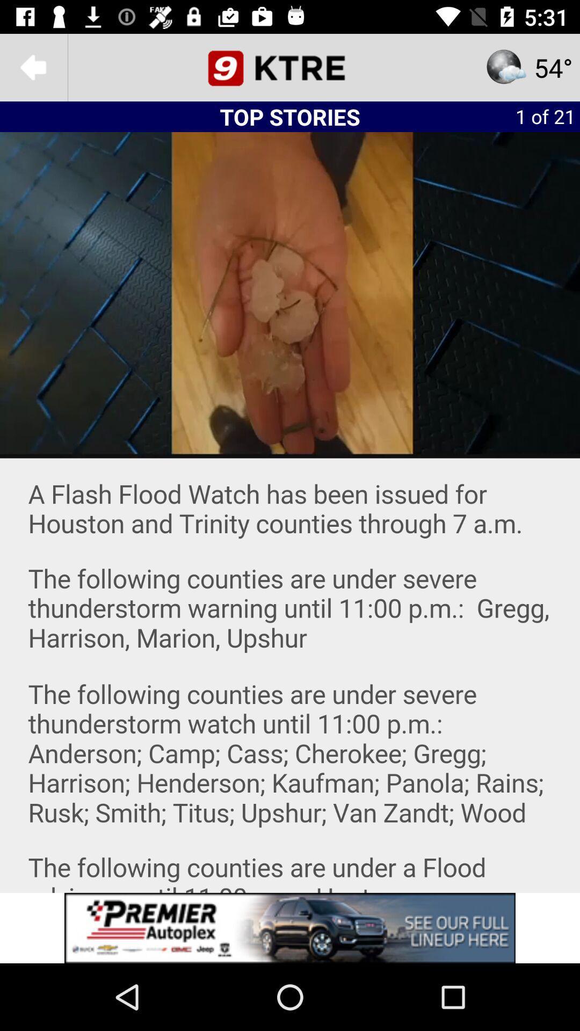 The height and width of the screenshot is (1031, 580). Describe the element at coordinates (290, 927) in the screenshot. I see `advertisement` at that location.